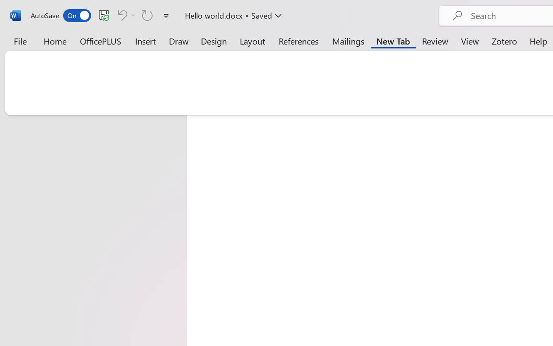 This screenshot has height=346, width=553. I want to click on 'File Tab', so click(20, 41).